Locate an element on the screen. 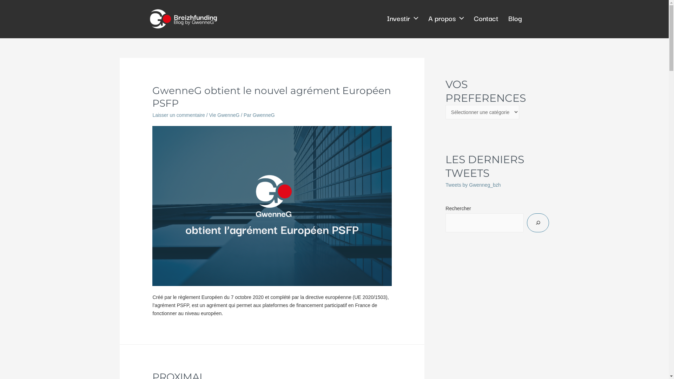  'GwenneG' is located at coordinates (263, 114).